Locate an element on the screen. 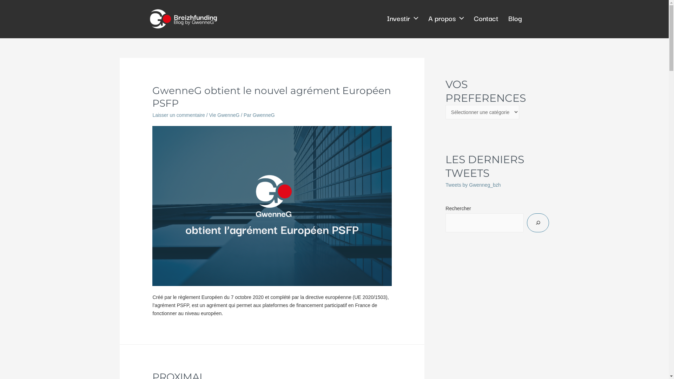  'GwenneG' is located at coordinates (263, 114).